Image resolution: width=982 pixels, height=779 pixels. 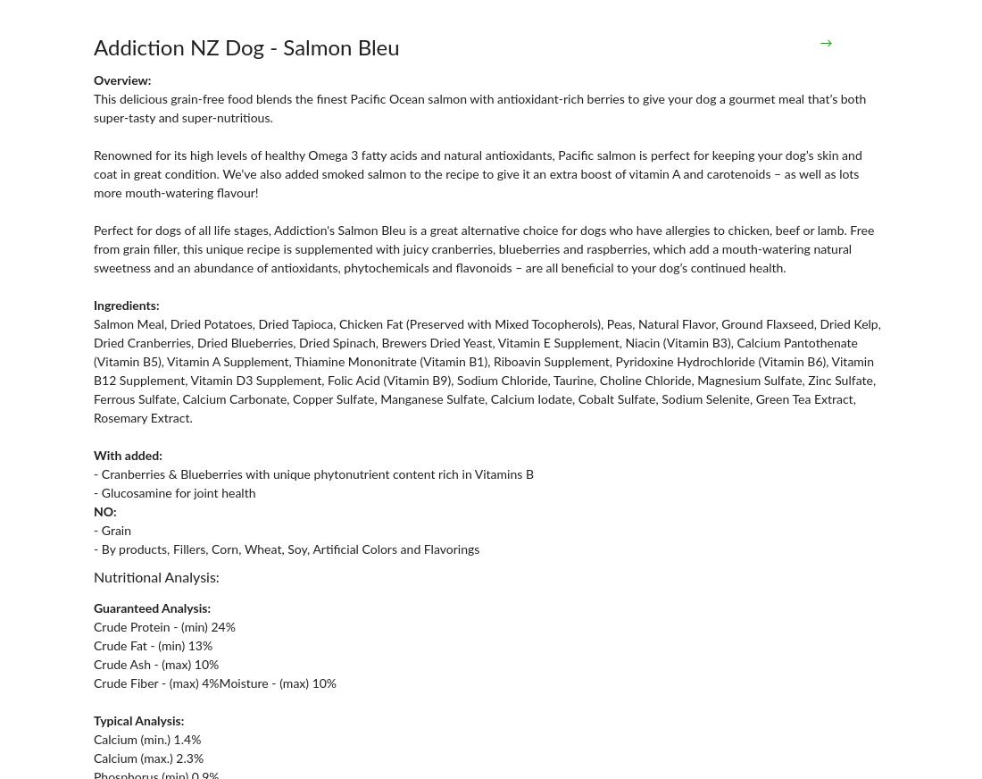 I want to click on 'Guaranteed Analysis:', so click(x=151, y=607).